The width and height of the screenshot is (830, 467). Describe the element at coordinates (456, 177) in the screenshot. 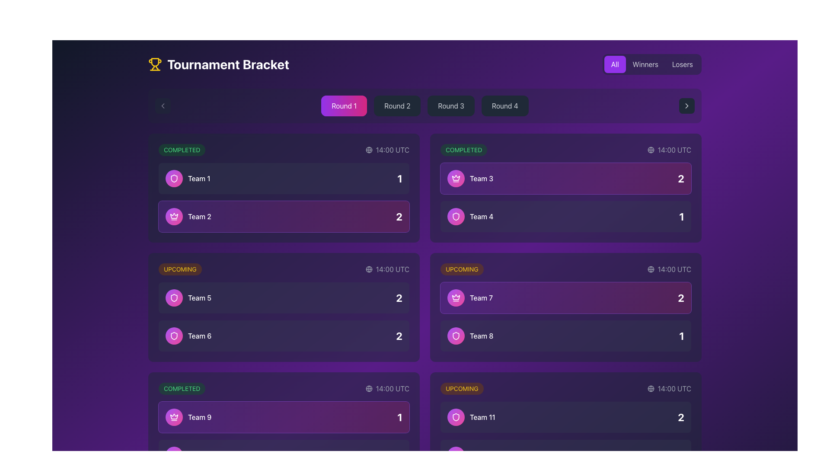

I see `the crown icon outlined in white, positioned inside a purple circular background in the 'Tournament Bracket' area, specifically for 'Team 2' in 'Round 1'` at that location.